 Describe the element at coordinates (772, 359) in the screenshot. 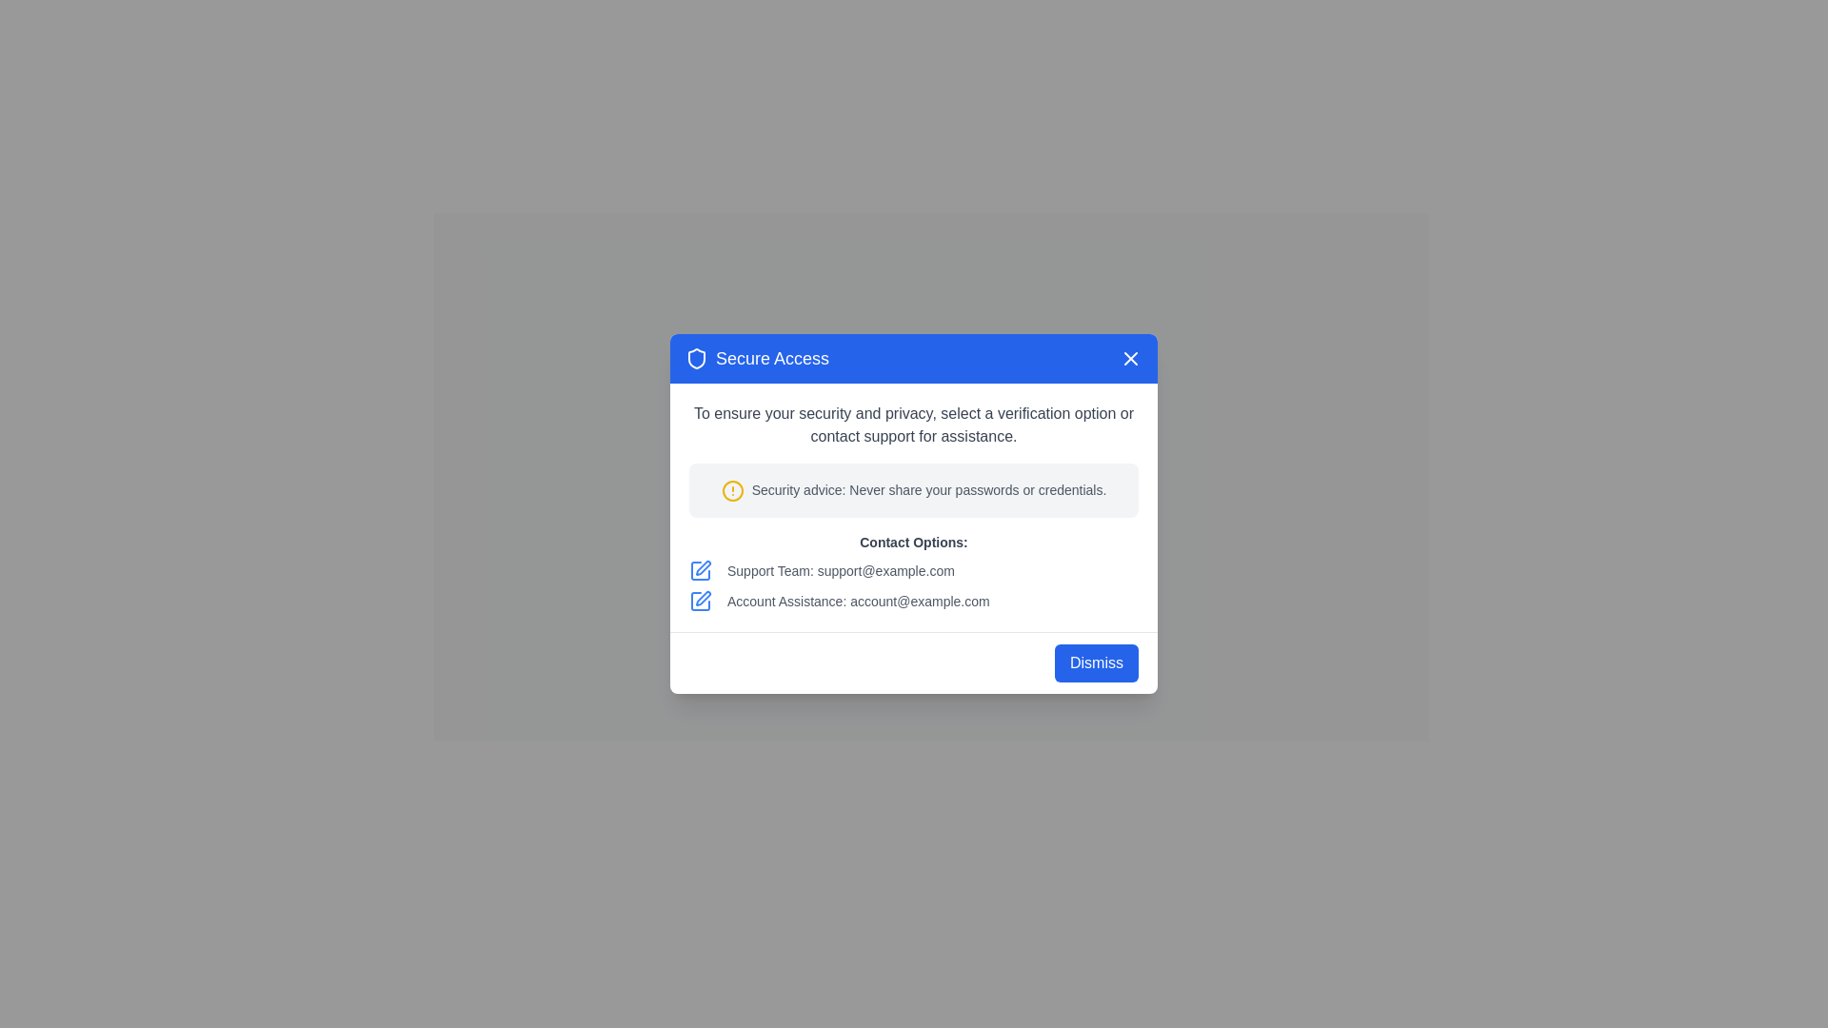

I see `text label that serves as the title of the modal dialog box, positioned just to the right of a shield icon and near the top of the dialog` at that location.